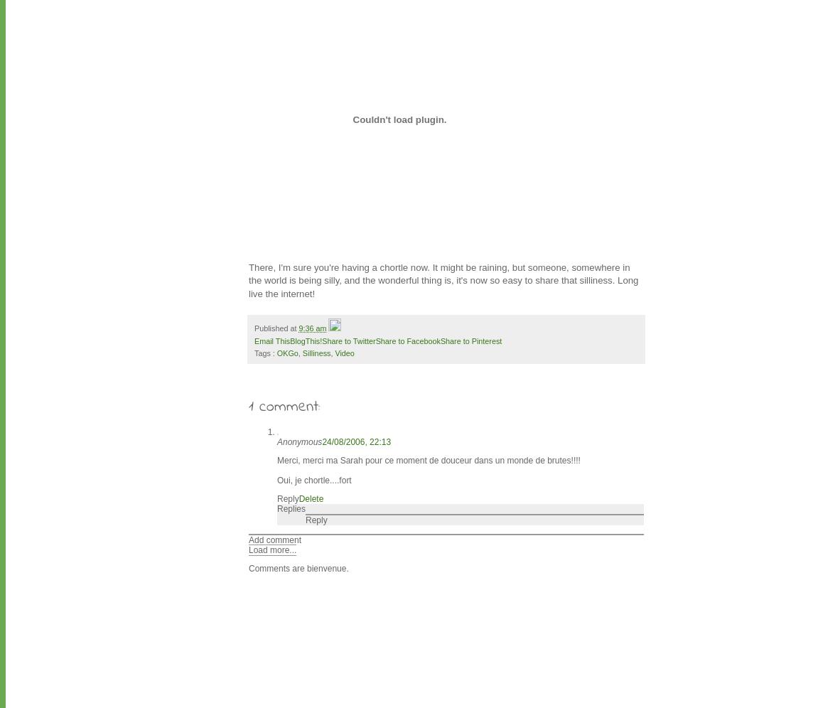 The image size is (823, 708). Describe the element at coordinates (298, 567) in the screenshot. I see `'Comments are bienvenue.'` at that location.